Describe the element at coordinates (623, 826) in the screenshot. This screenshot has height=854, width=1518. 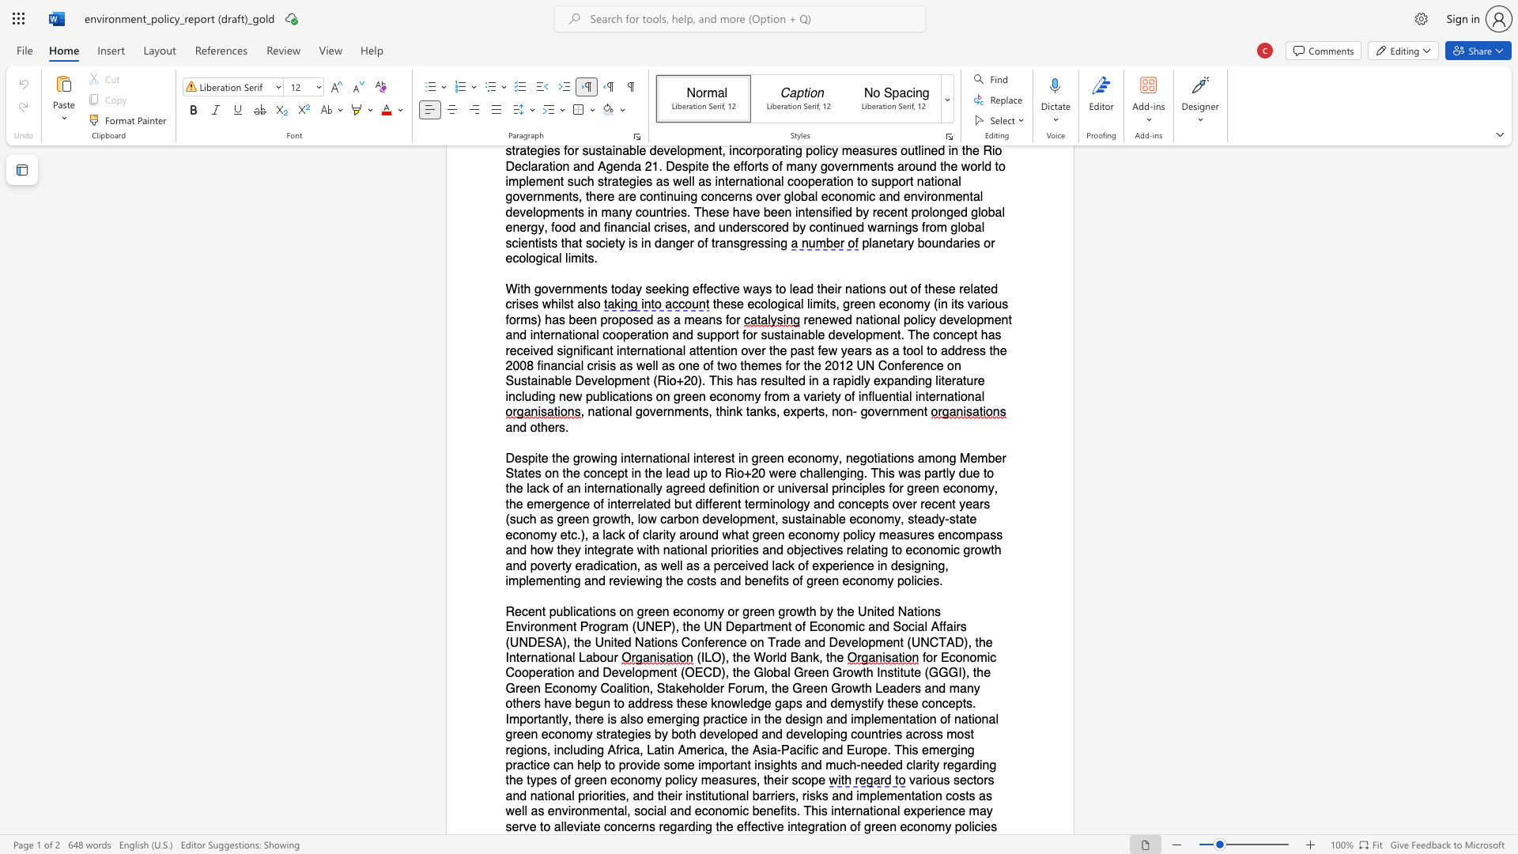
I see `the subset text "cern" within the text "and economic benefits. This international experience may serve to alleviate concerns"` at that location.